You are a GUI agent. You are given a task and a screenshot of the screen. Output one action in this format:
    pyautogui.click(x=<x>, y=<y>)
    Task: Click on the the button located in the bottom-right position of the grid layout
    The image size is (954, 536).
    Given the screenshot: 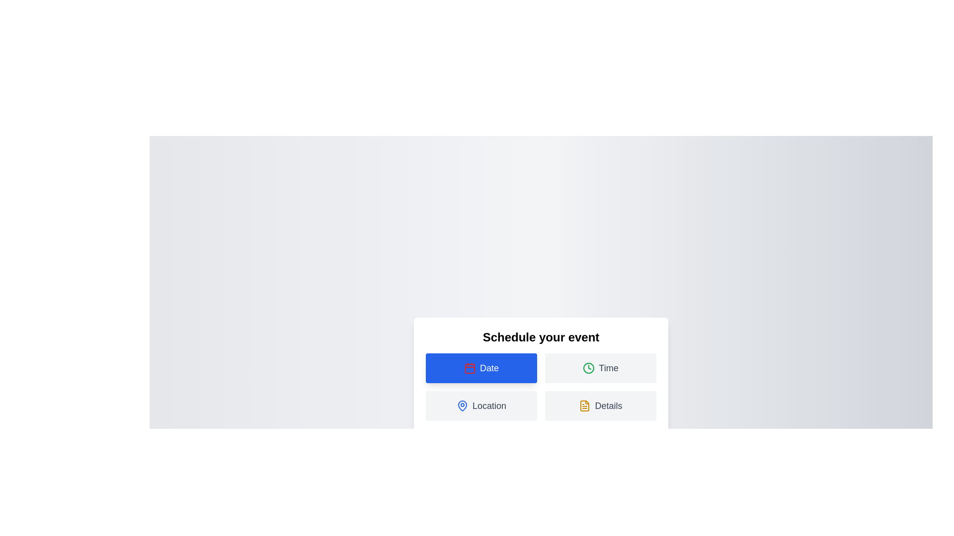 What is the action you would take?
    pyautogui.click(x=600, y=405)
    